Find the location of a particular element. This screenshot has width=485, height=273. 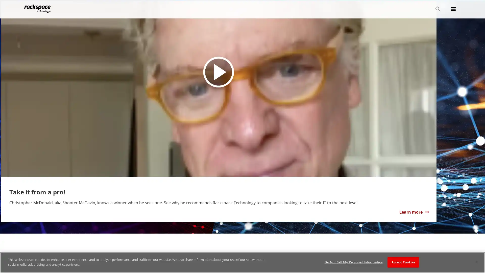

Accept Cookies is located at coordinates (403, 262).